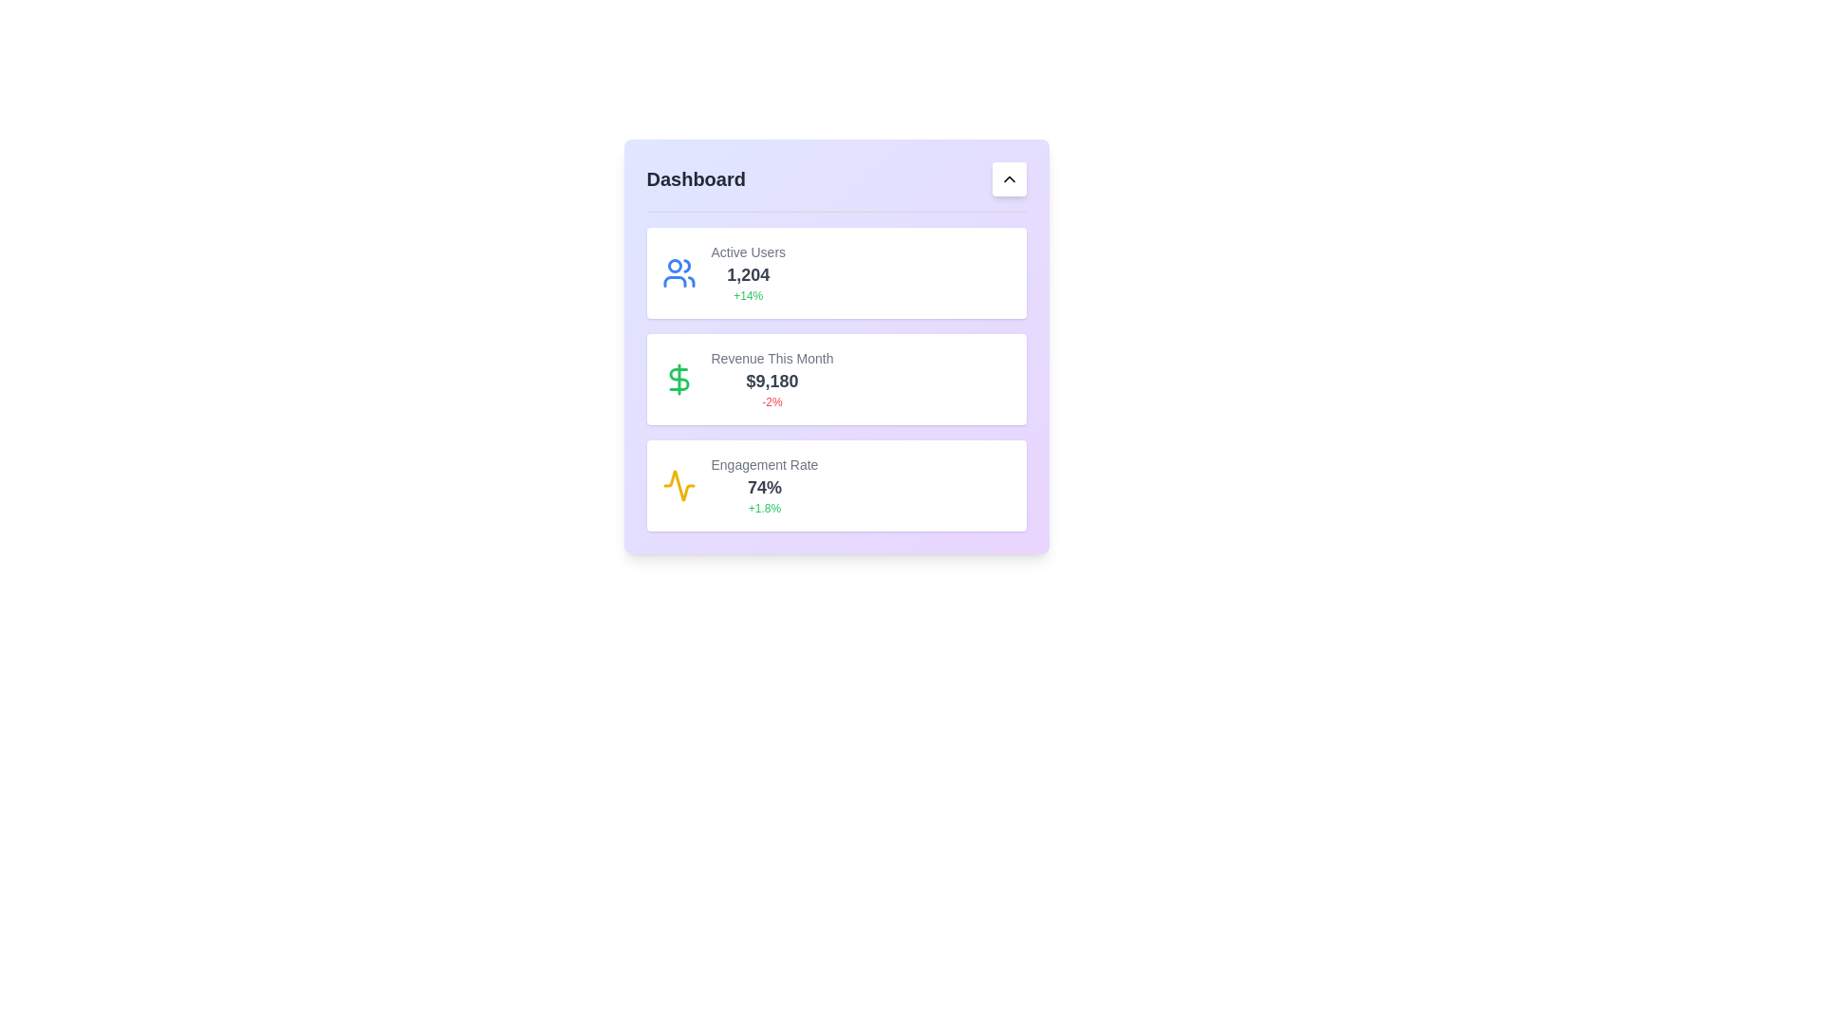 This screenshot has width=1822, height=1025. Describe the element at coordinates (765, 486) in the screenshot. I see `displayed engagement rate value from the text display located centrally in the lower card of the vertical stack, positioned below 'Engagement Rate' and above the '+1.8%' text` at that location.